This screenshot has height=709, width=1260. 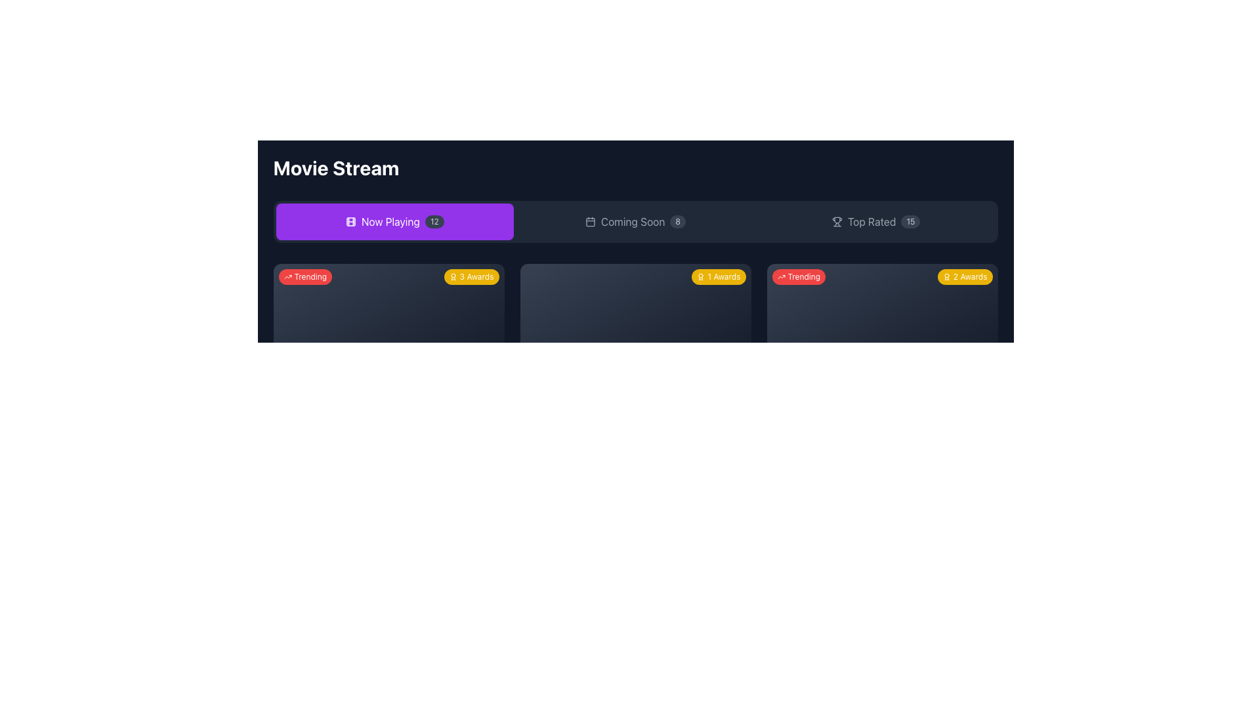 I want to click on the yellow badge icon displaying '2 Awards' located in the upper-right corner of the card-like section, so click(x=946, y=276).